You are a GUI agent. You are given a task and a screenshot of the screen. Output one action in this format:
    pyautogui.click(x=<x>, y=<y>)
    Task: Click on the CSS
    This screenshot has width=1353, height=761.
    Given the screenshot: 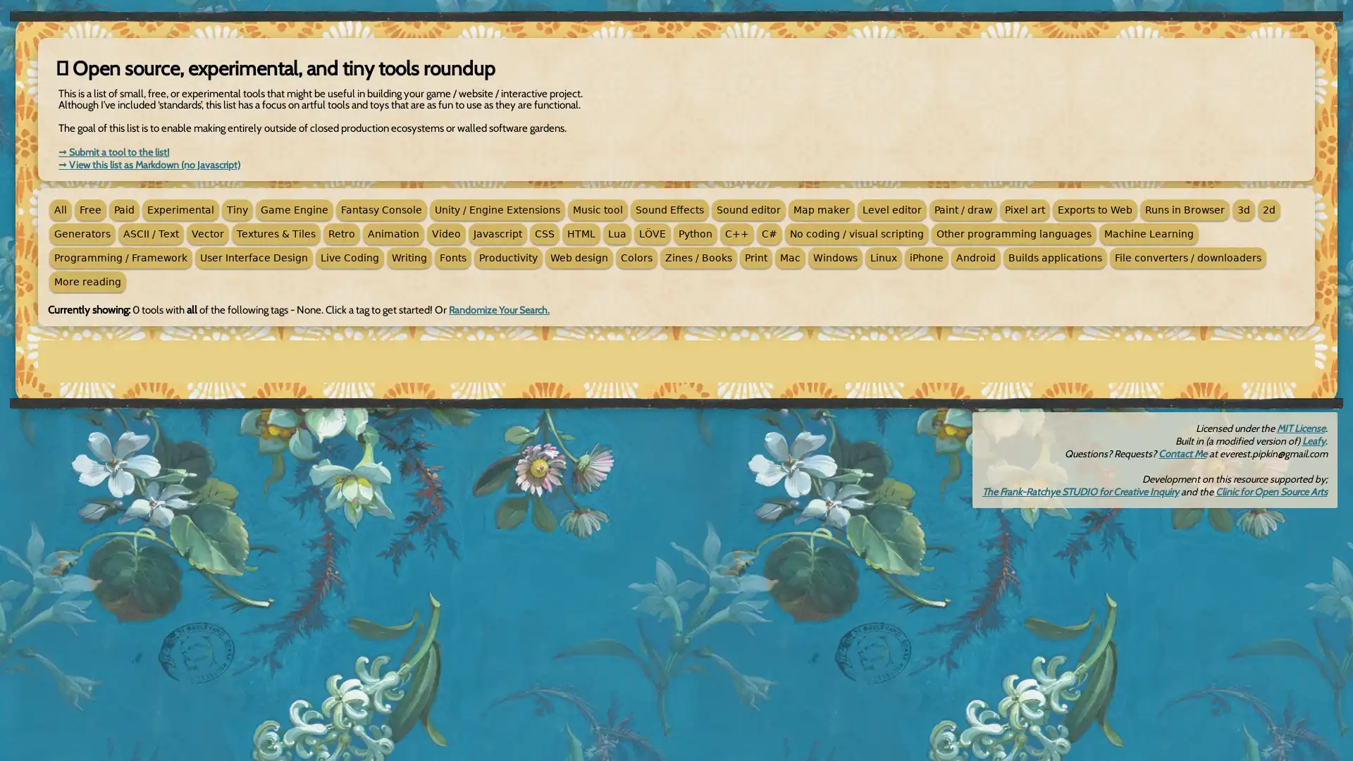 What is the action you would take?
    pyautogui.click(x=543, y=233)
    